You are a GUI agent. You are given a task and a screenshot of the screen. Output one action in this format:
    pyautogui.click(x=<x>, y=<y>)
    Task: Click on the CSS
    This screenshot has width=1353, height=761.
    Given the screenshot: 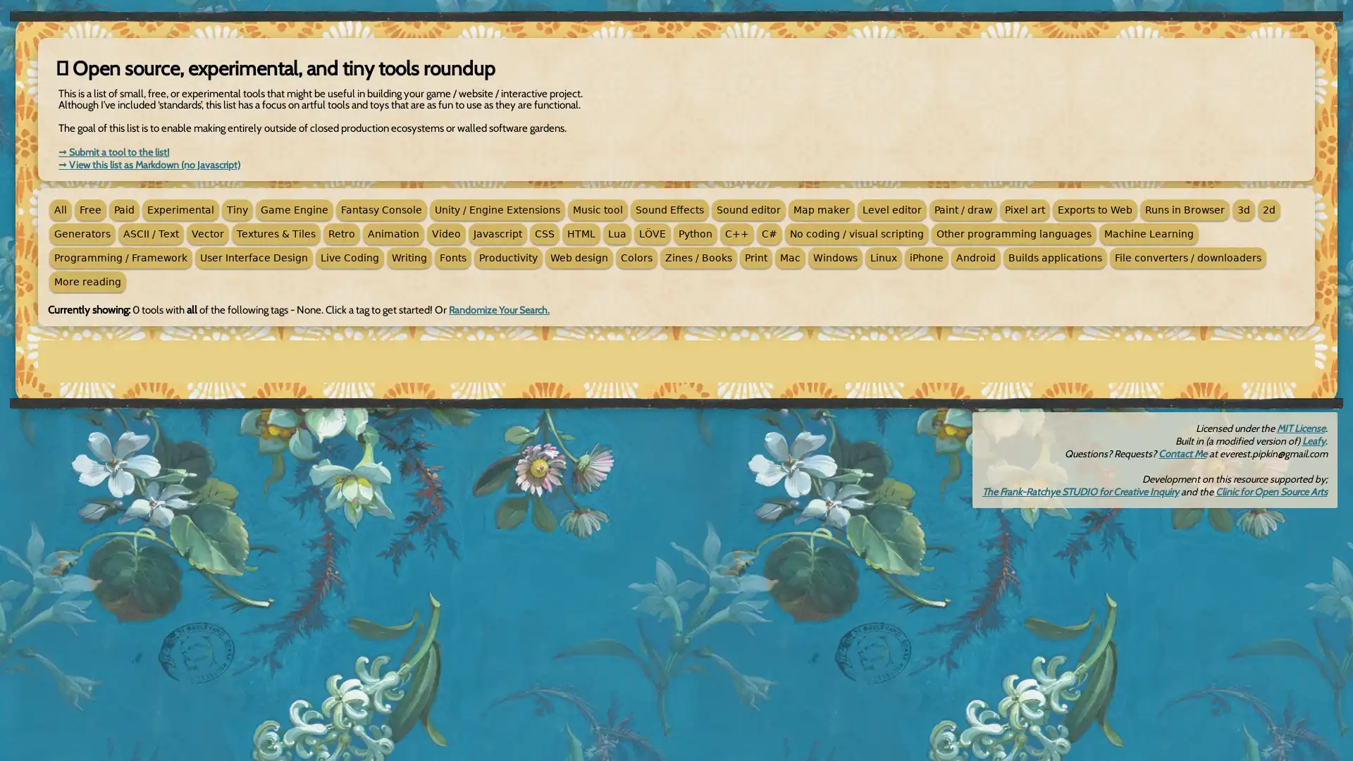 What is the action you would take?
    pyautogui.click(x=543, y=233)
    